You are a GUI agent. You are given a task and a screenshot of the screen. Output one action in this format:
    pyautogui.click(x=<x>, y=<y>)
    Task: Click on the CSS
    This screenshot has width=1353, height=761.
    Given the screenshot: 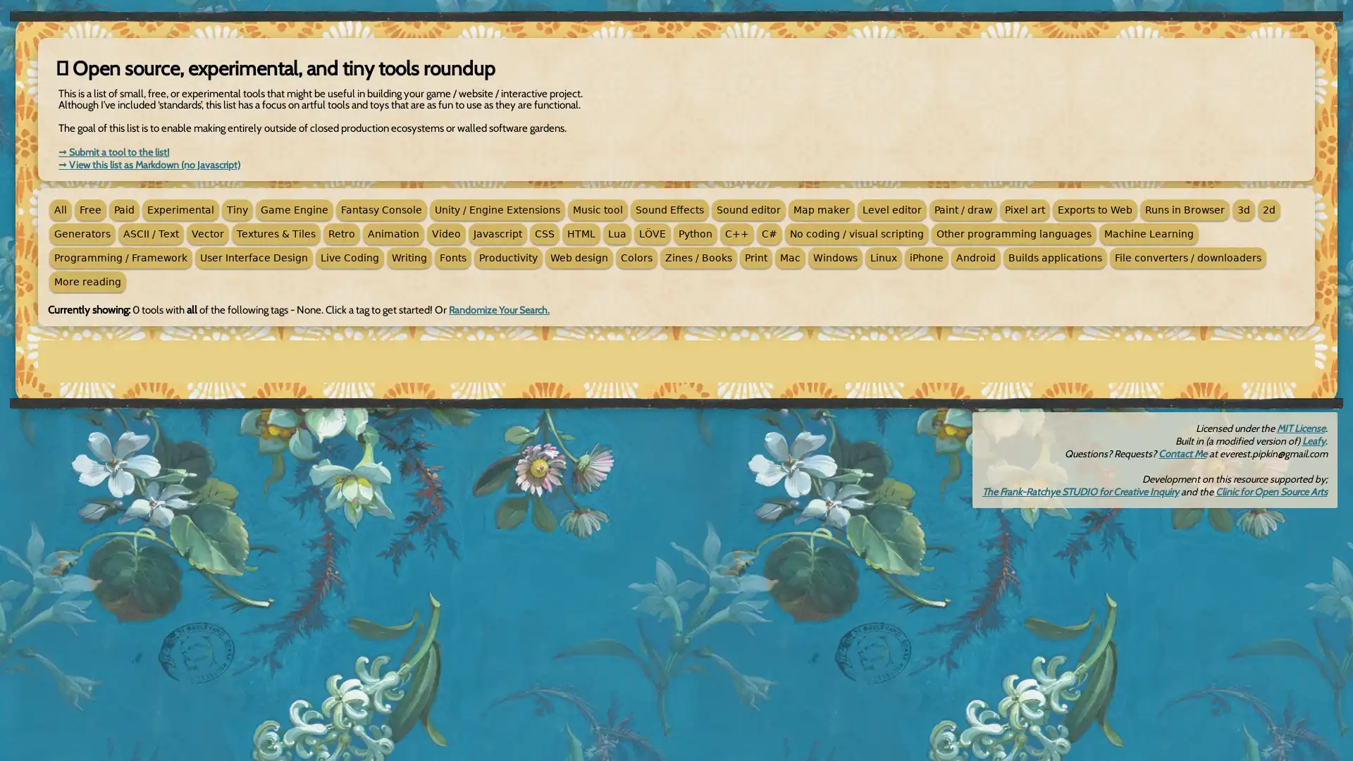 What is the action you would take?
    pyautogui.click(x=543, y=233)
    